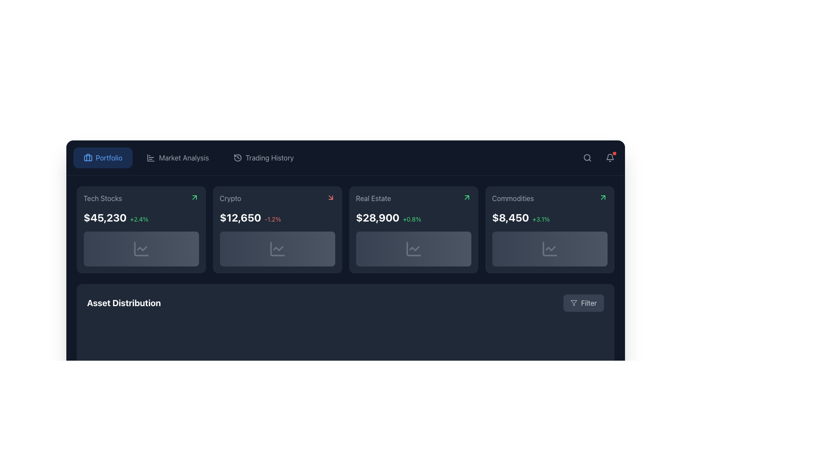 This screenshot has height=471, width=838. What do you see at coordinates (183, 158) in the screenshot?
I see `the 'Market Analysis' text label` at bounding box center [183, 158].